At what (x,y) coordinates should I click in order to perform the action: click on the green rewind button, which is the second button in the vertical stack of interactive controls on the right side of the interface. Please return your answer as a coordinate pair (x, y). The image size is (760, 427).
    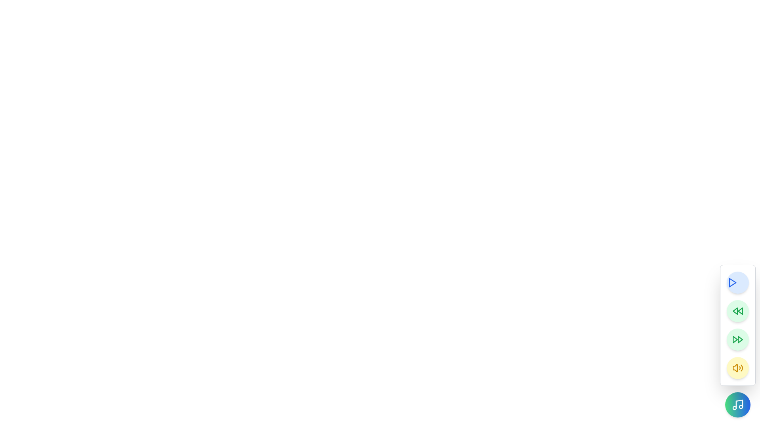
    Looking at the image, I should click on (737, 310).